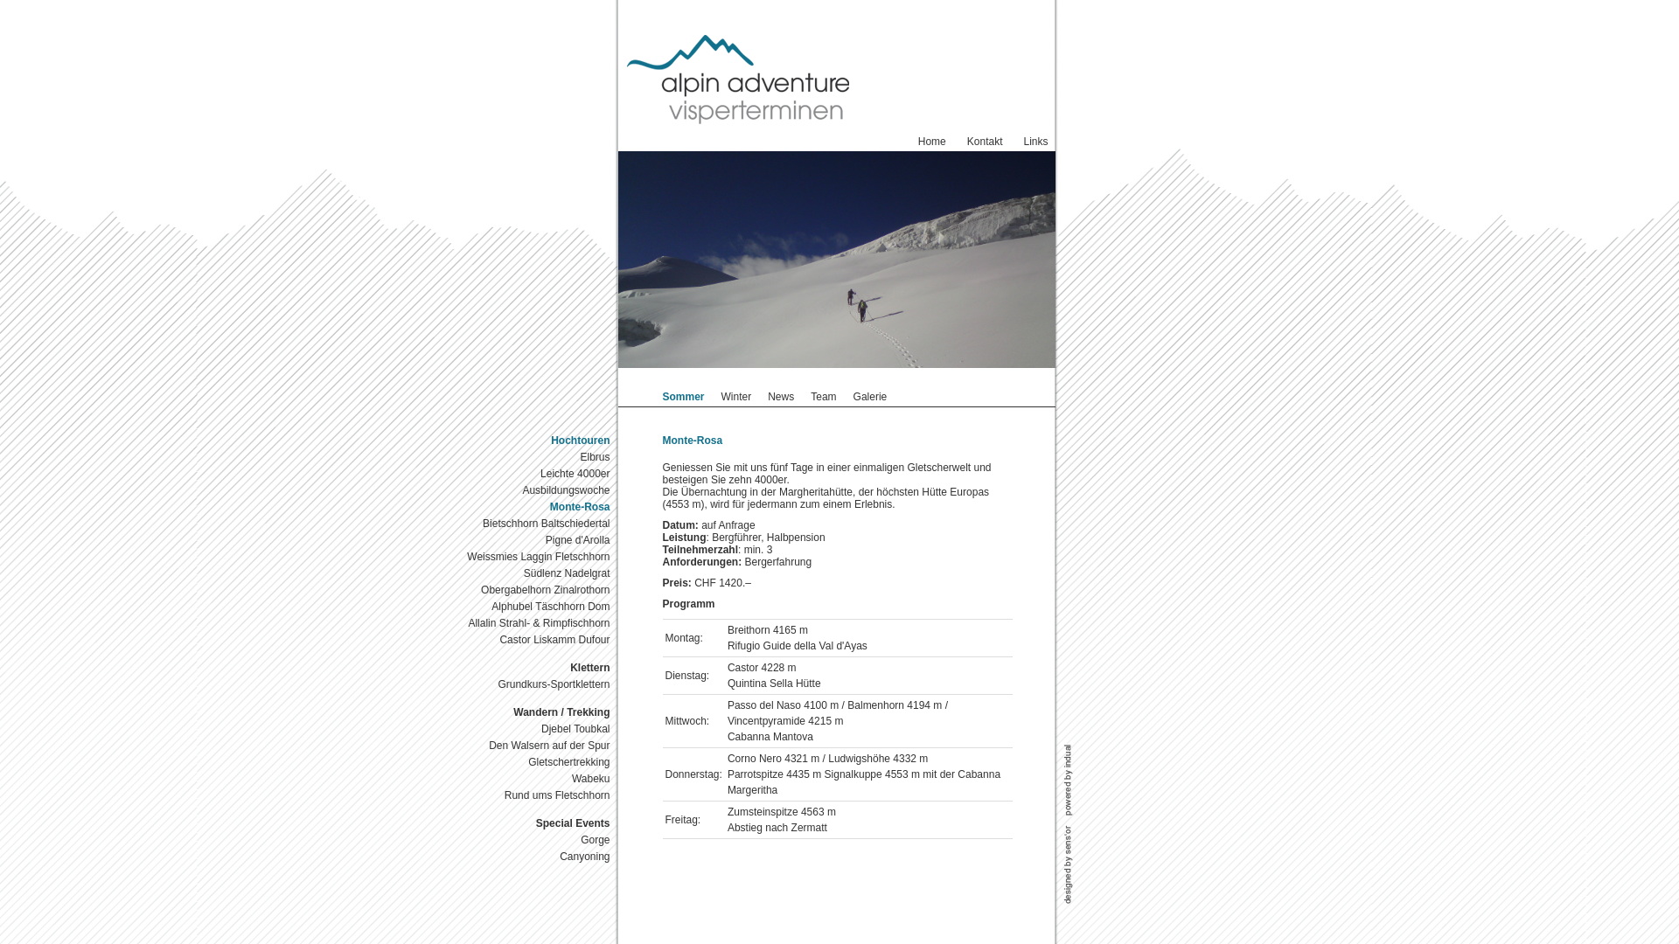  What do you see at coordinates (930, 141) in the screenshot?
I see `'Home'` at bounding box center [930, 141].